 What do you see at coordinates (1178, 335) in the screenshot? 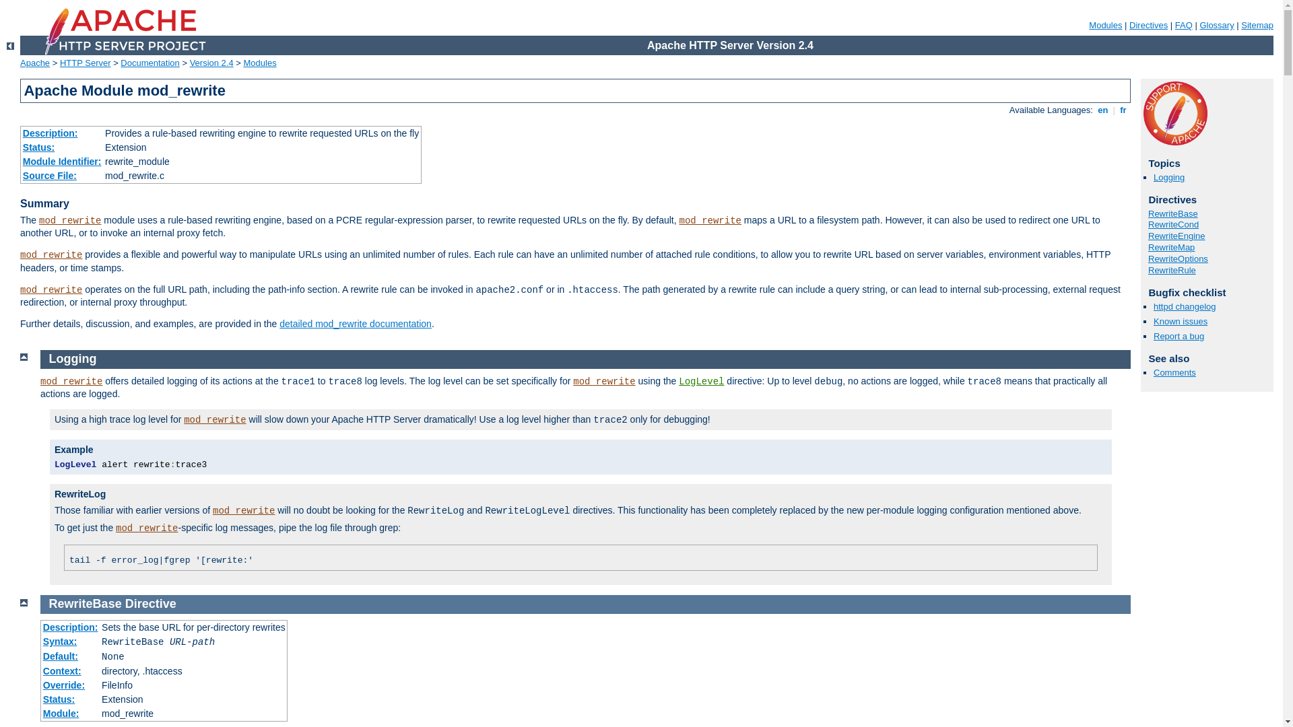
I see `'Report a bug'` at bounding box center [1178, 335].